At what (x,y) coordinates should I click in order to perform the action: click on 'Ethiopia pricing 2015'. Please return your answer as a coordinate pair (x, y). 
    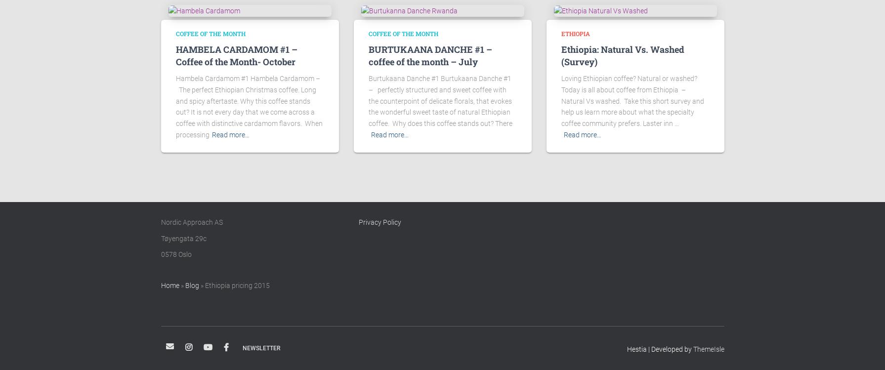
    Looking at the image, I should click on (237, 286).